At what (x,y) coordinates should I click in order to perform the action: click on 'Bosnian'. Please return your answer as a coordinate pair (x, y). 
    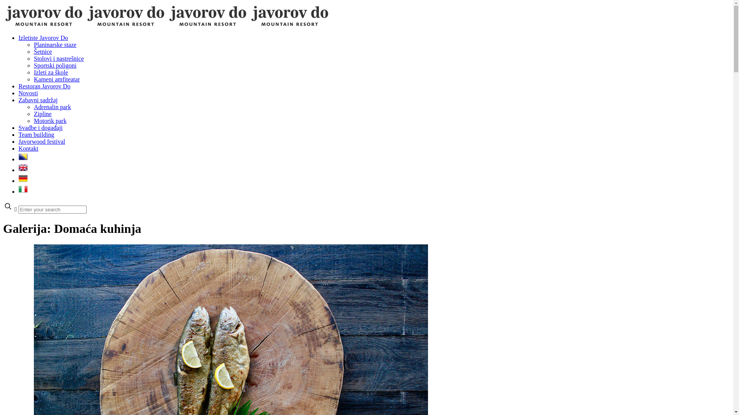
    Looking at the image, I should click on (23, 159).